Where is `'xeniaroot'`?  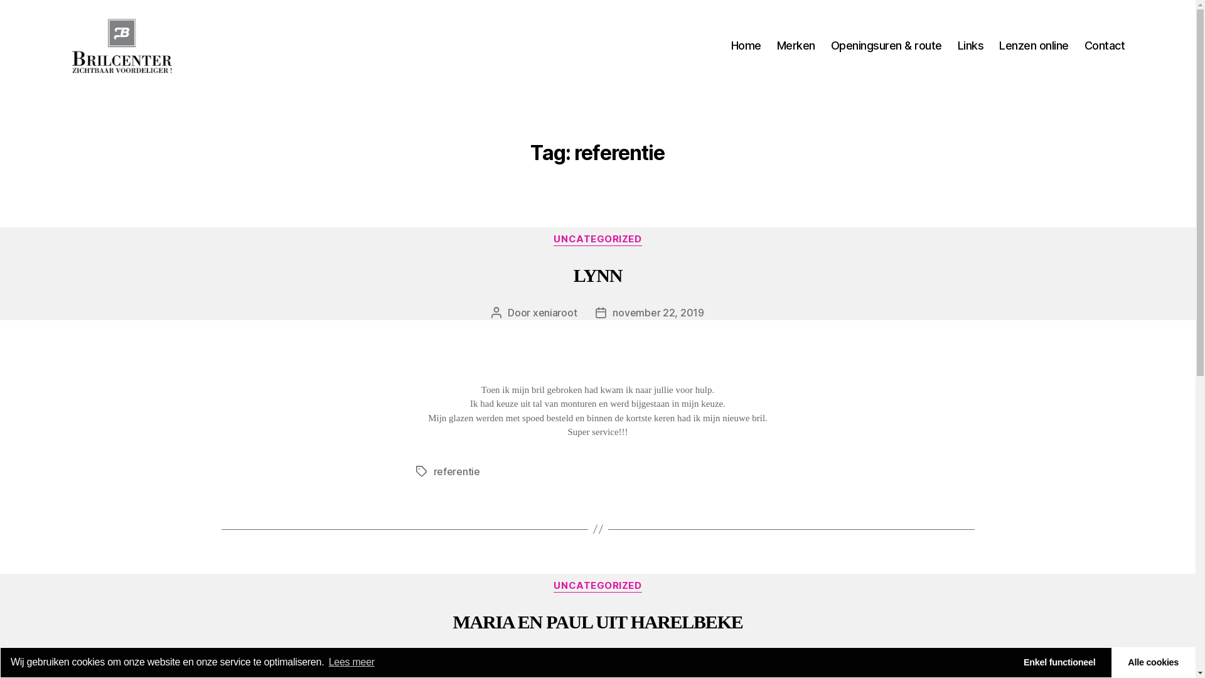 'xeniaroot' is located at coordinates (554, 311).